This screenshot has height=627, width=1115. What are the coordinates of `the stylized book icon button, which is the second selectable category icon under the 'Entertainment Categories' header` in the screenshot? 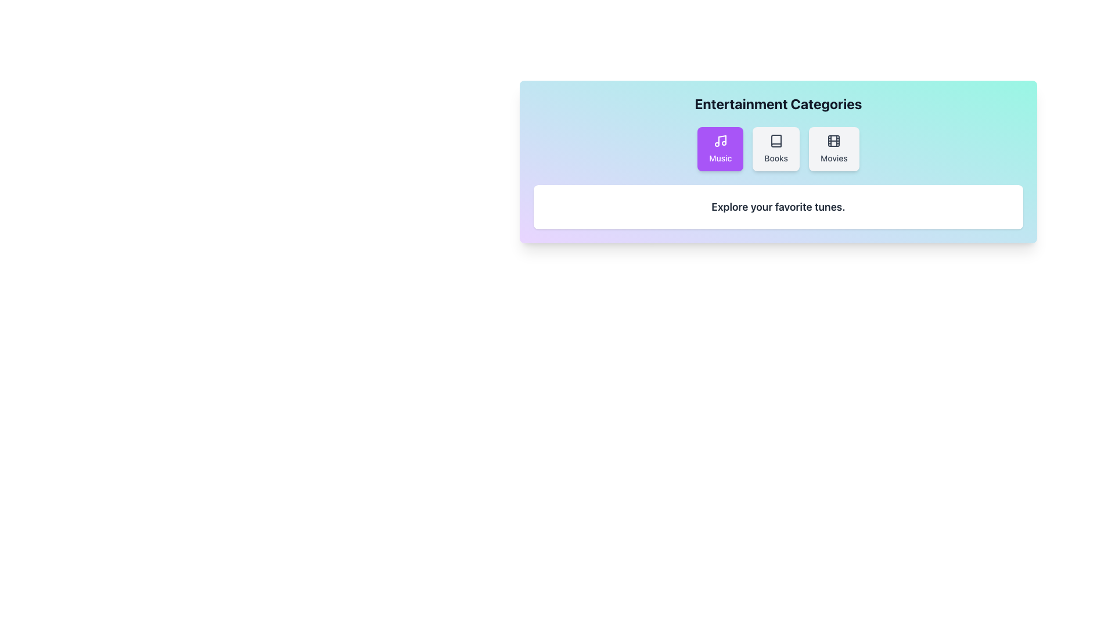 It's located at (775, 140).